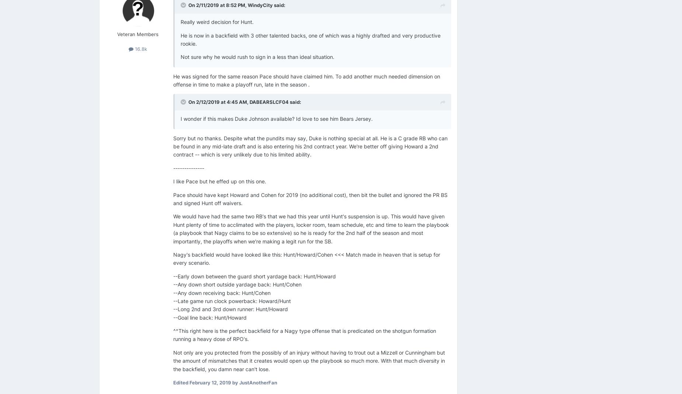 The image size is (682, 394). I want to click on '--Late game run clock powerback: Howard/Hunt', so click(232, 300).